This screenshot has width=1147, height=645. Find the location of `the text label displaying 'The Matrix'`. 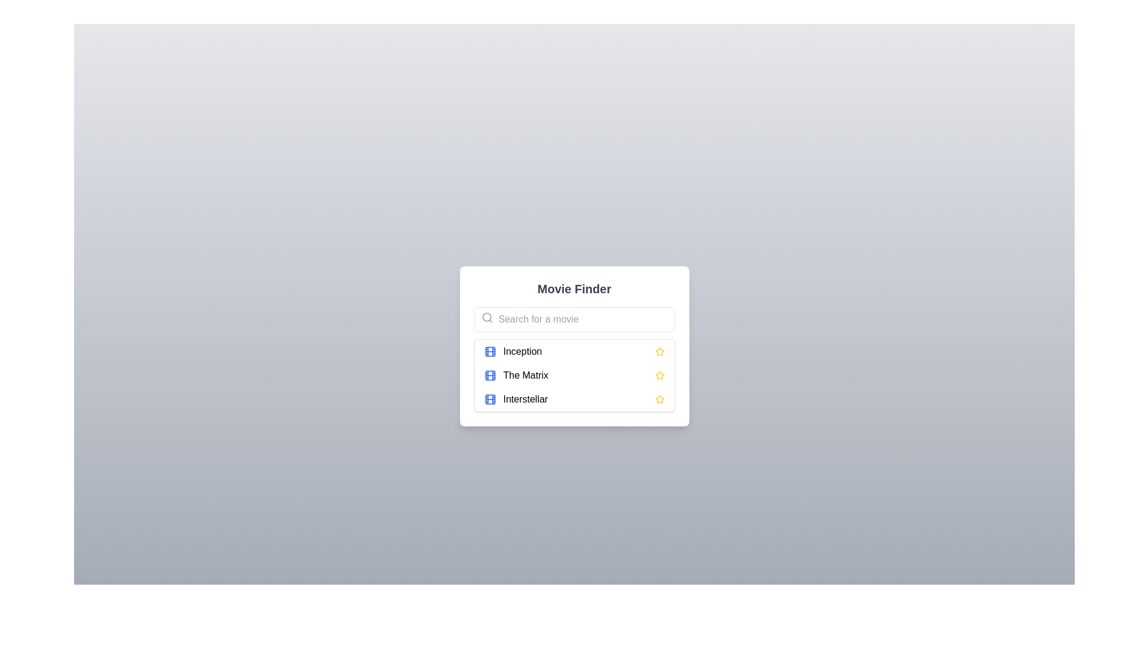

the text label displaying 'The Matrix' is located at coordinates (525, 374).